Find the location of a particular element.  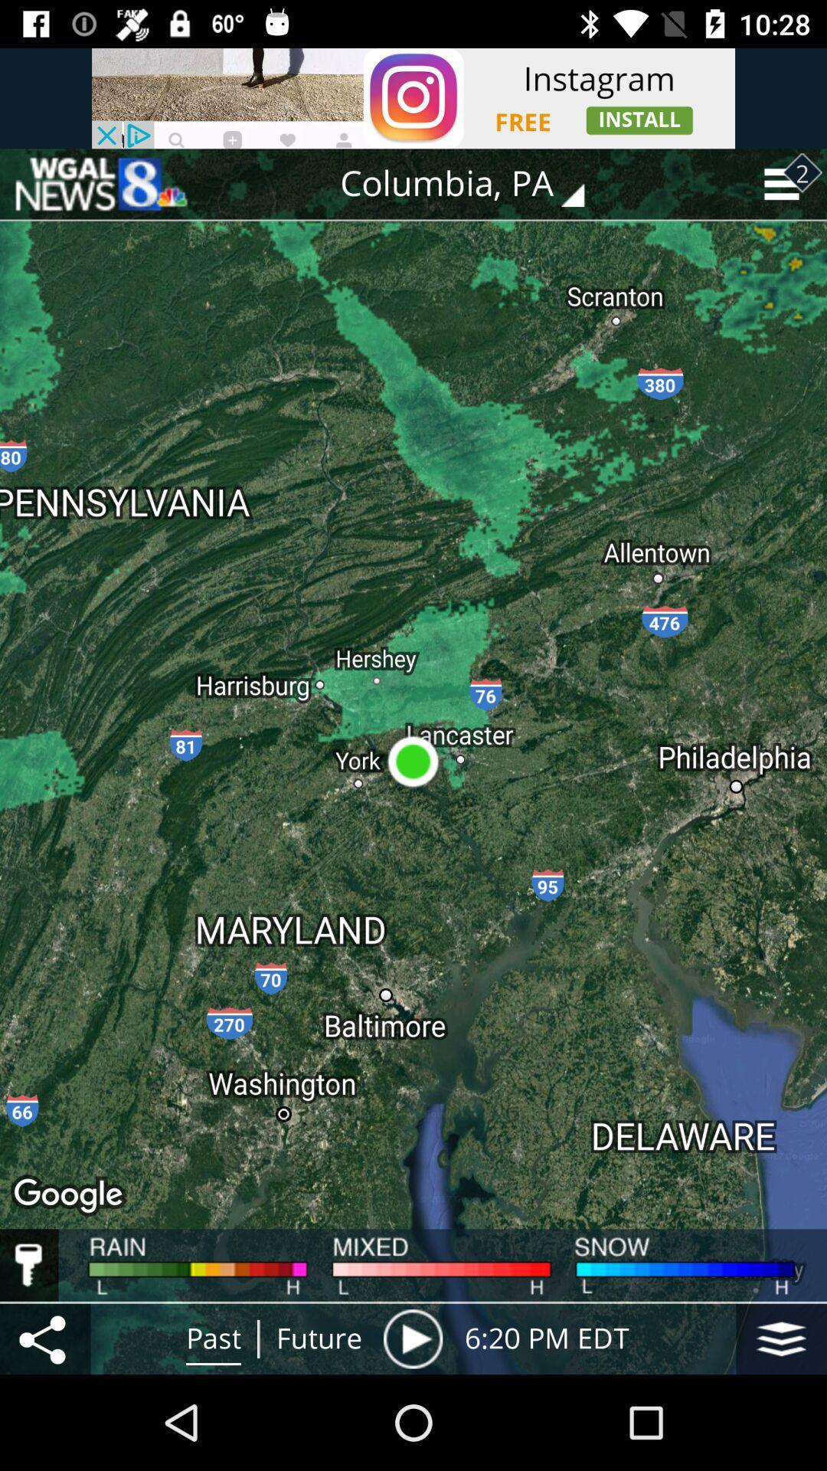

see more is located at coordinates (781, 1338).